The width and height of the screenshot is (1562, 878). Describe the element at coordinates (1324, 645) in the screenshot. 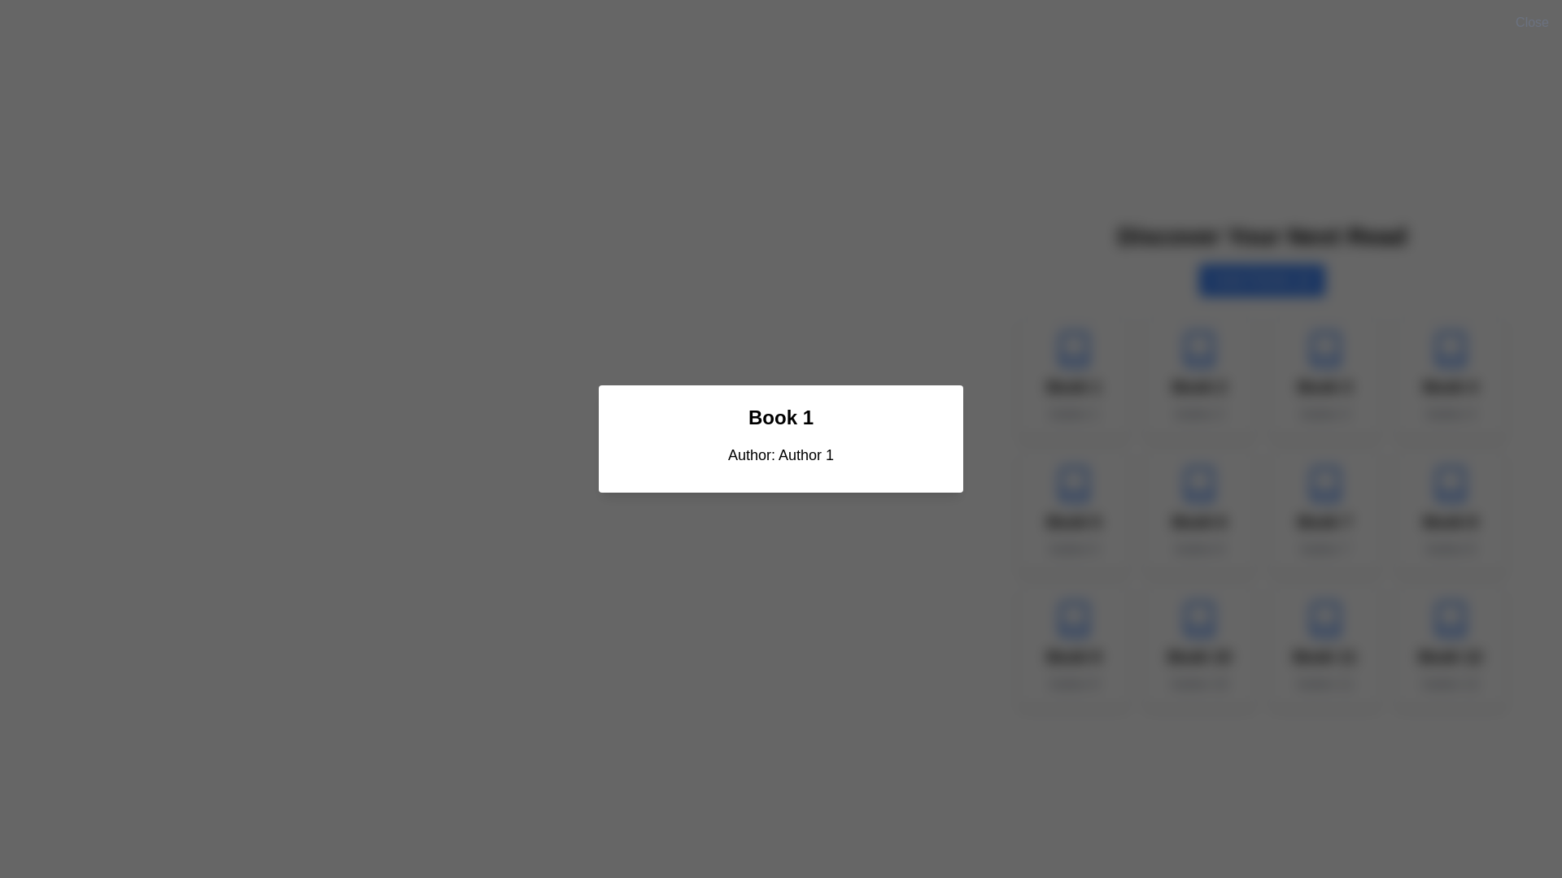

I see `the book information card located in the third cell of the fourth row, which provides details about the book's title and author` at that location.